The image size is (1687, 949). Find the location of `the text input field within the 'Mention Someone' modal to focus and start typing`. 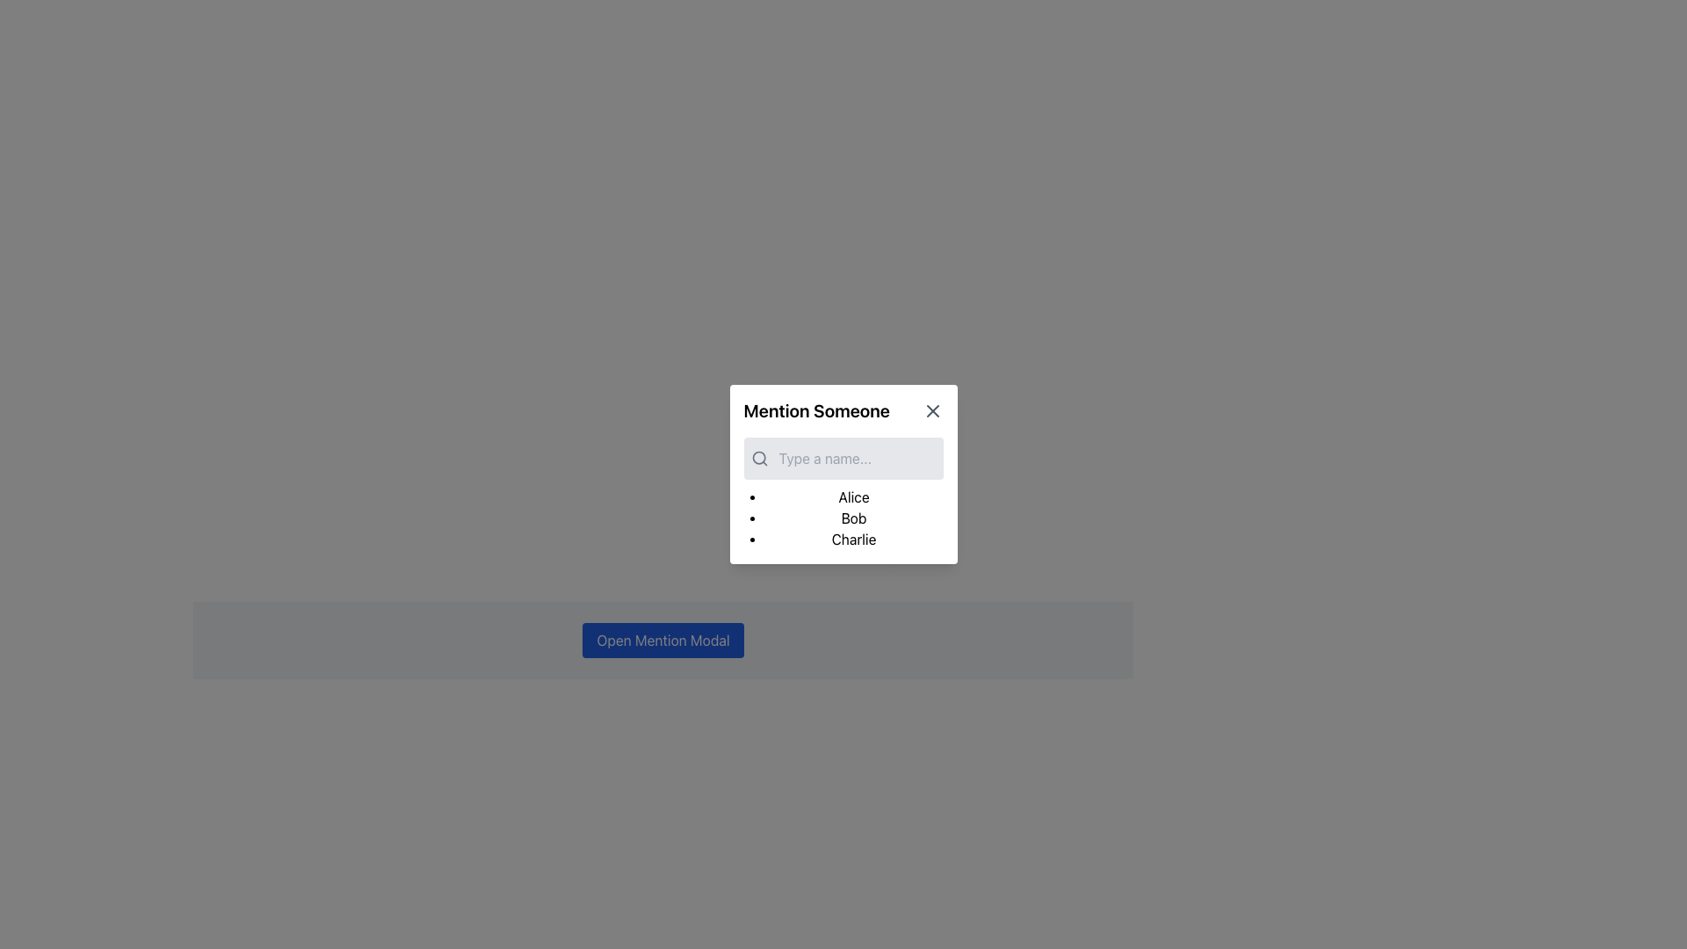

the text input field within the 'Mention Someone' modal to focus and start typing is located at coordinates (843, 457).